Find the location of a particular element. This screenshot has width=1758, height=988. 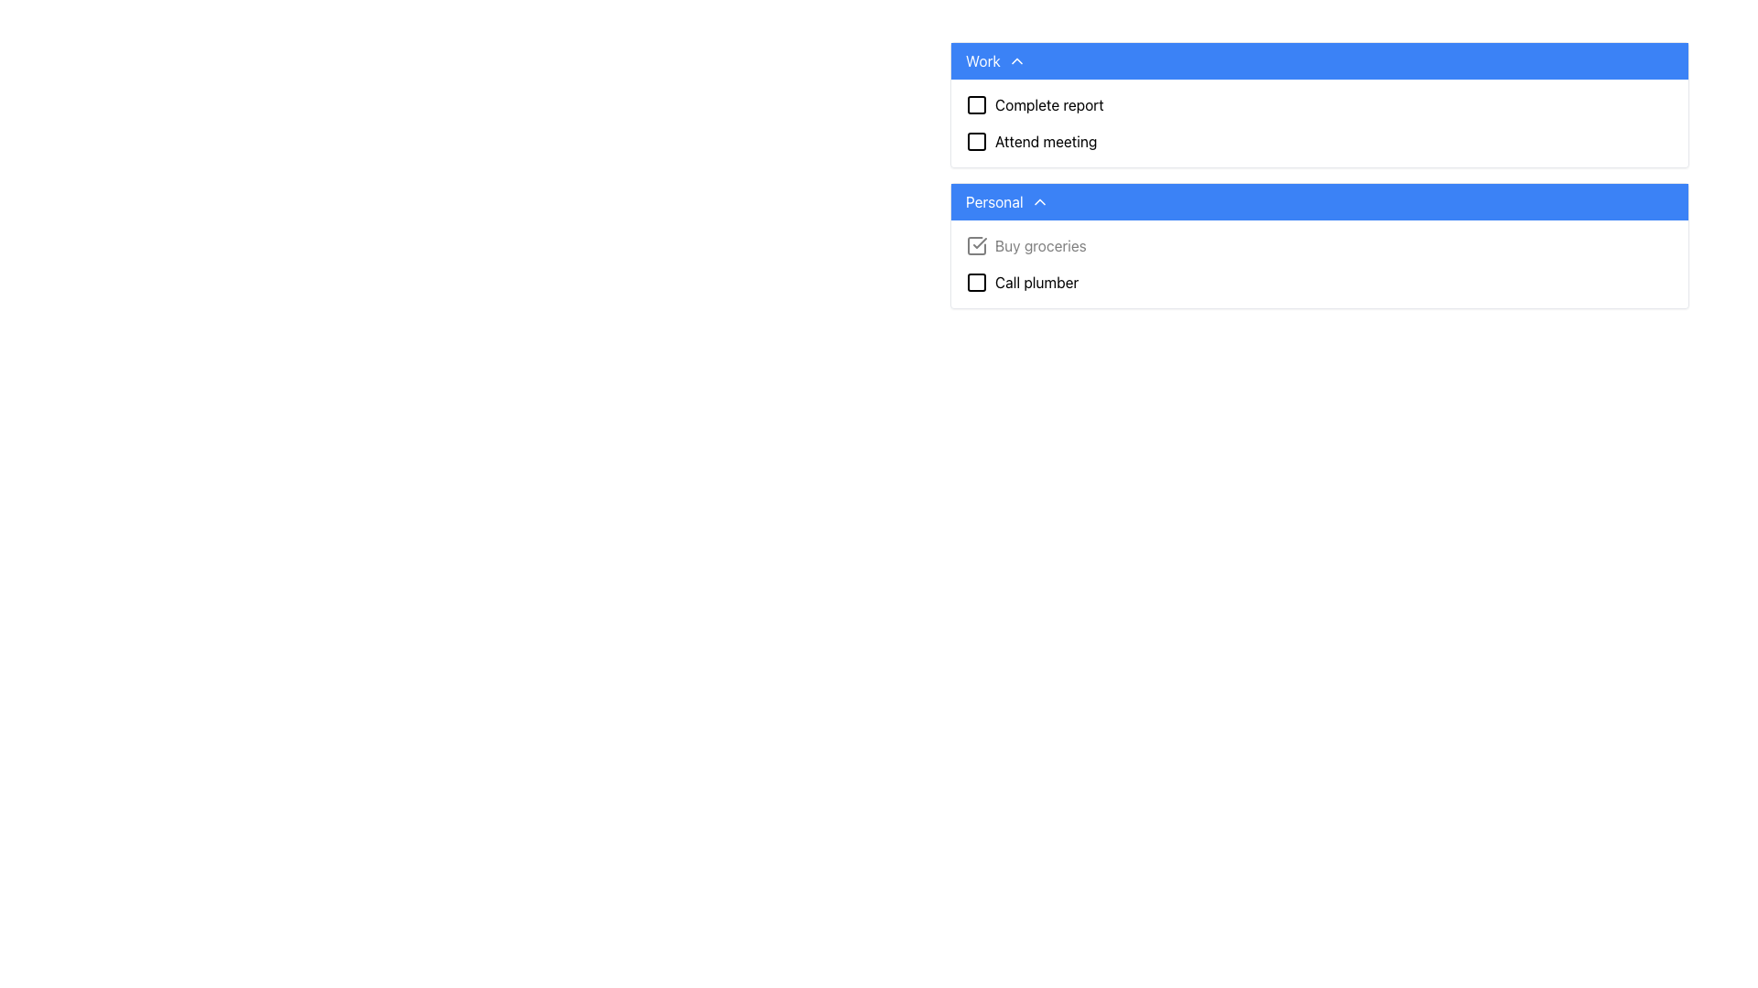

the checkbox of the task labeled 'Buy groceries' to mark it as done is located at coordinates (1319, 245).